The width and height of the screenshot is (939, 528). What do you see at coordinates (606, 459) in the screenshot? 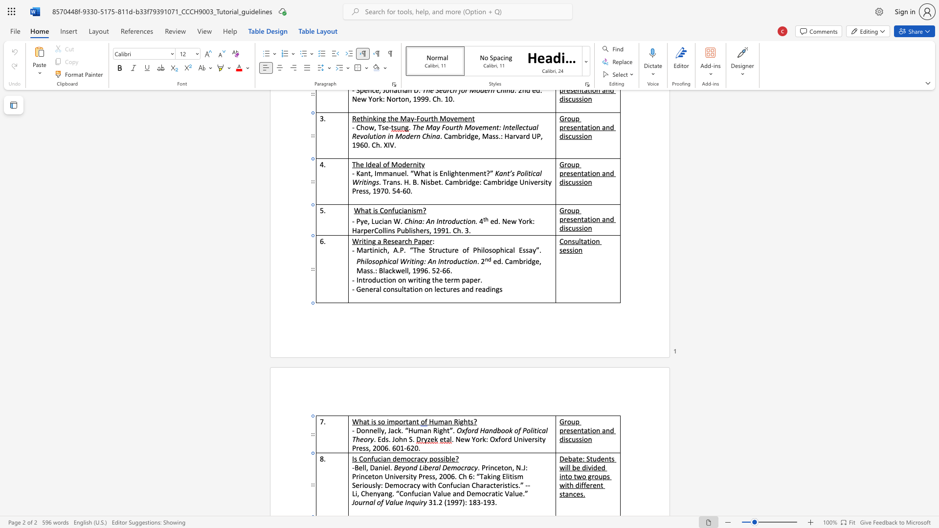
I see `the 1th character "n" in the text` at bounding box center [606, 459].